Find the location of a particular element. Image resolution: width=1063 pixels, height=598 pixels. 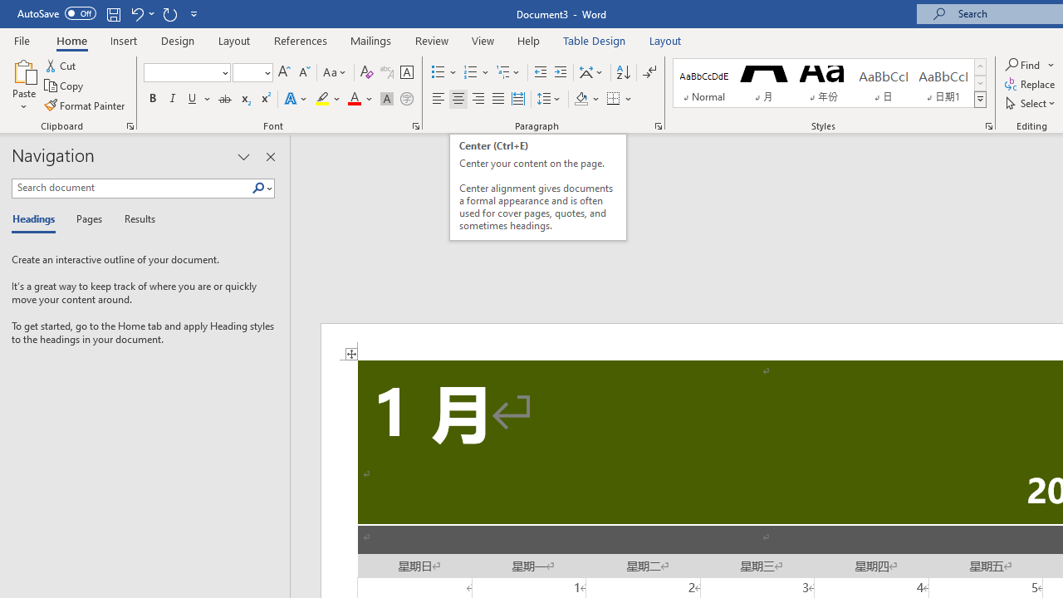

'Character Shading' is located at coordinates (385, 99).